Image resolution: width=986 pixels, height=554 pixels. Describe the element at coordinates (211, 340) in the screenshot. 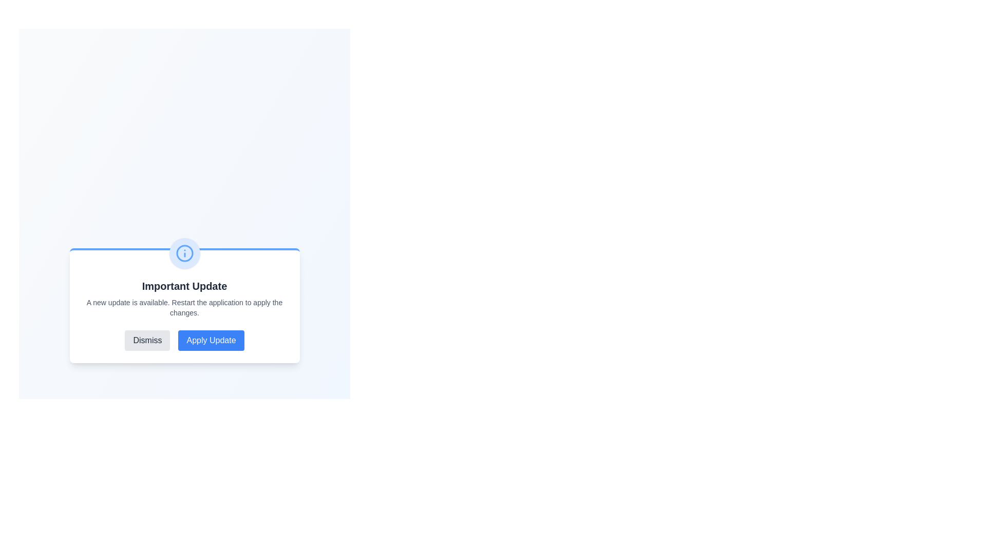

I see `'Apply Update' button to apply the update` at that location.